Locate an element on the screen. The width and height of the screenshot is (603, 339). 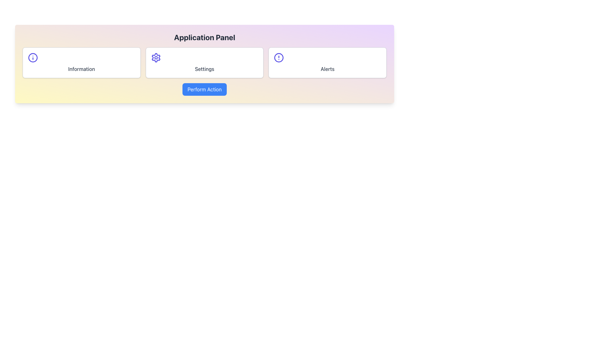
the text label at the bottom center of the middle card, which indicates settings-related functionality is located at coordinates (204, 69).